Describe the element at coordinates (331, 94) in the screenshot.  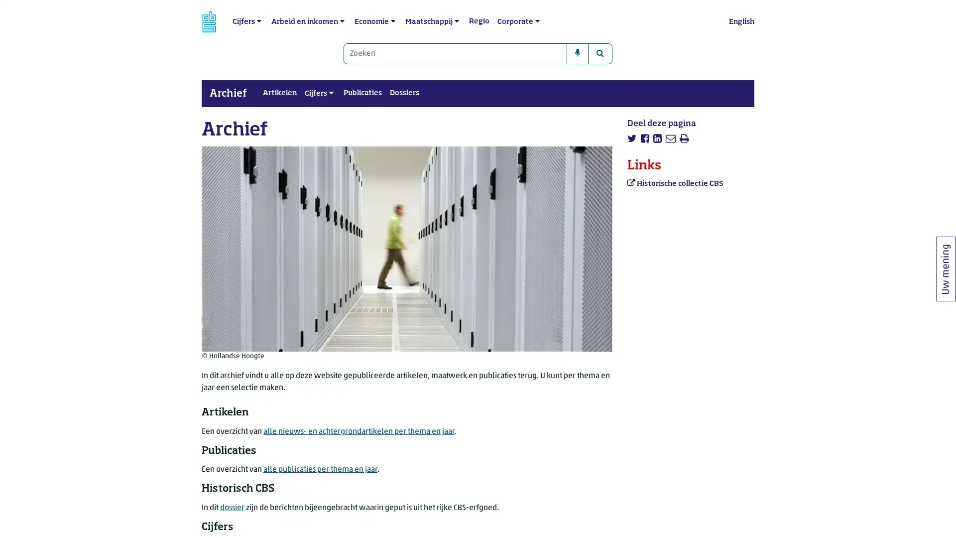
I see `submenu Cijfers` at that location.